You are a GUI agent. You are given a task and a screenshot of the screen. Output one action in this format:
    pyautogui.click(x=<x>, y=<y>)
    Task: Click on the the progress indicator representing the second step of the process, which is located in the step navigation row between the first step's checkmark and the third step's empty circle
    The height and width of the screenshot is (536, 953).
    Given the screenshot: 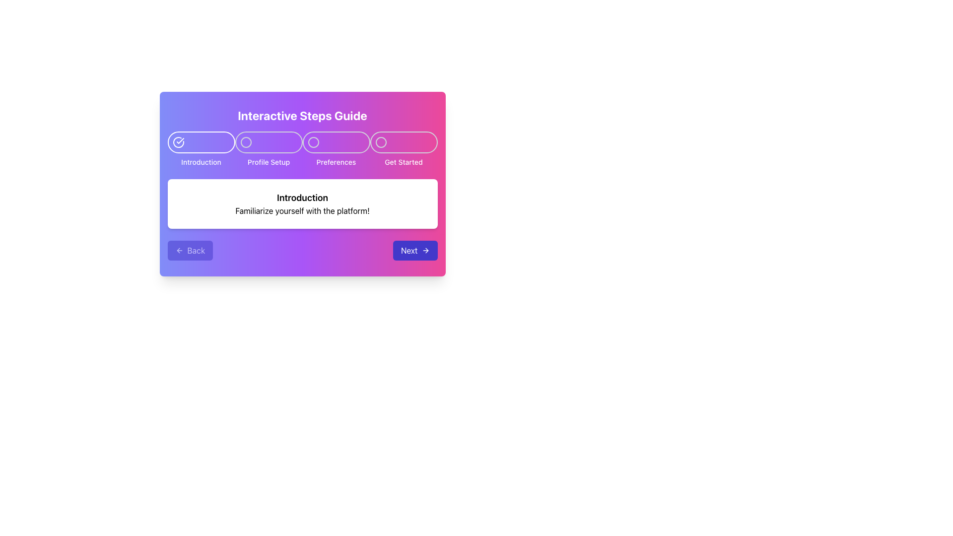 What is the action you would take?
    pyautogui.click(x=246, y=142)
    